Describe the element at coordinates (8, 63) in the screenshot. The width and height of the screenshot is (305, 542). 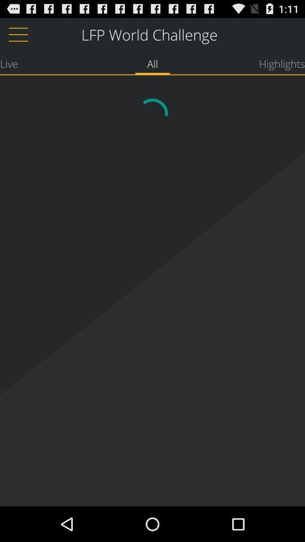
I see `the icon next to all icon` at that location.